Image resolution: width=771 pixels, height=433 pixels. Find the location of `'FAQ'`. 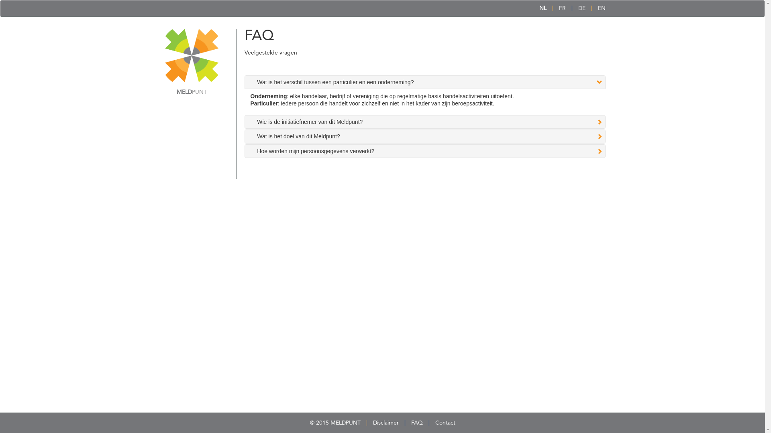

'FAQ' is located at coordinates (417, 423).